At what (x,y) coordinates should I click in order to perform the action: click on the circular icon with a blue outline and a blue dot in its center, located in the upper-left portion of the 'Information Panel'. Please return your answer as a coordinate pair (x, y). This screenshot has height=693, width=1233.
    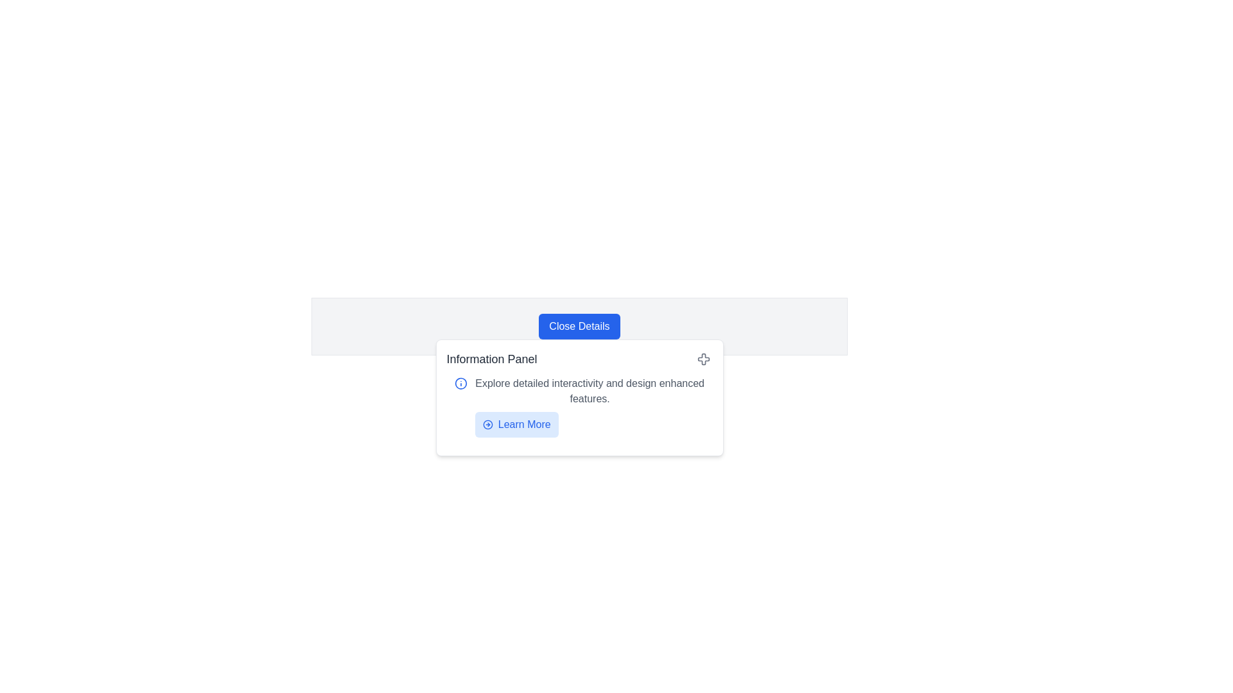
    Looking at the image, I should click on (460, 382).